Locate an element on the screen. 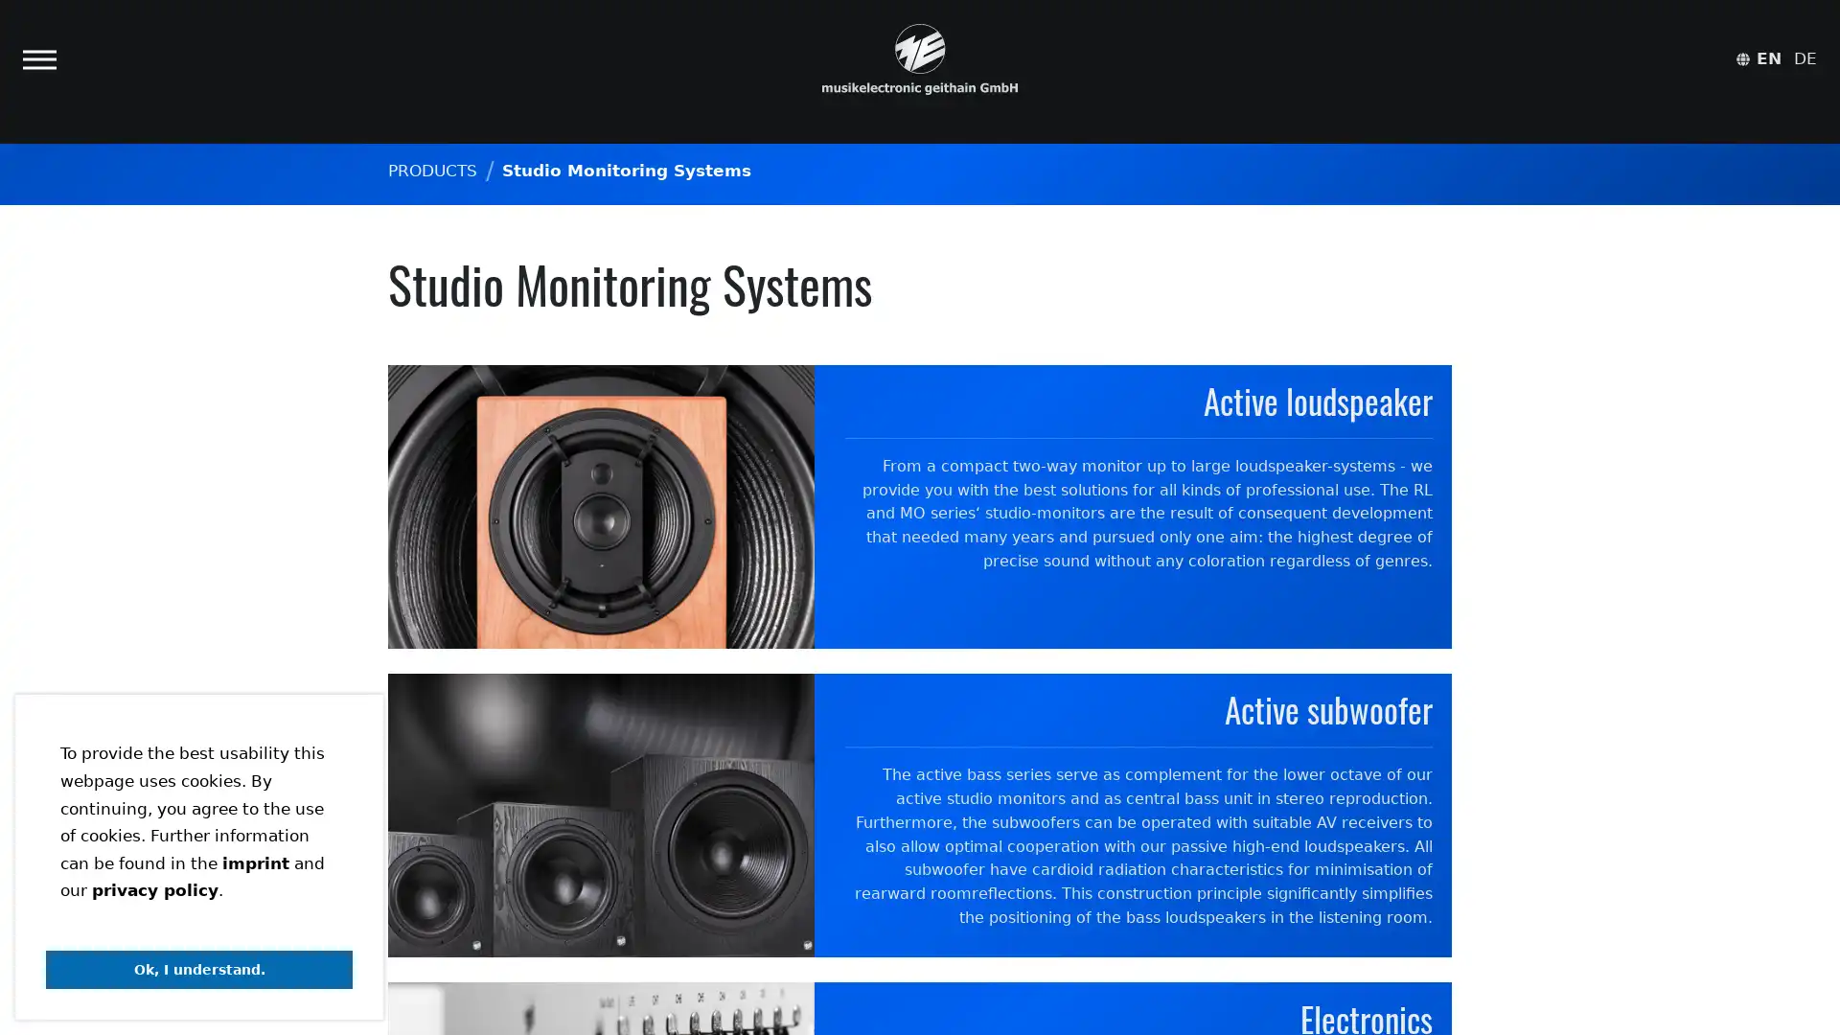  dismiss cookie message is located at coordinates (198, 969).